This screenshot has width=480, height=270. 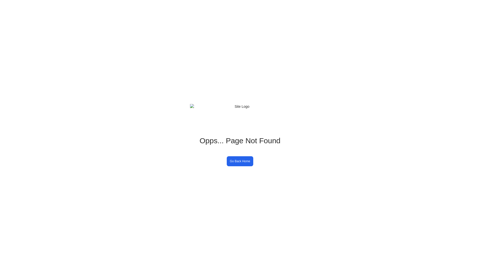 I want to click on 'Go Back Home', so click(x=239, y=161).